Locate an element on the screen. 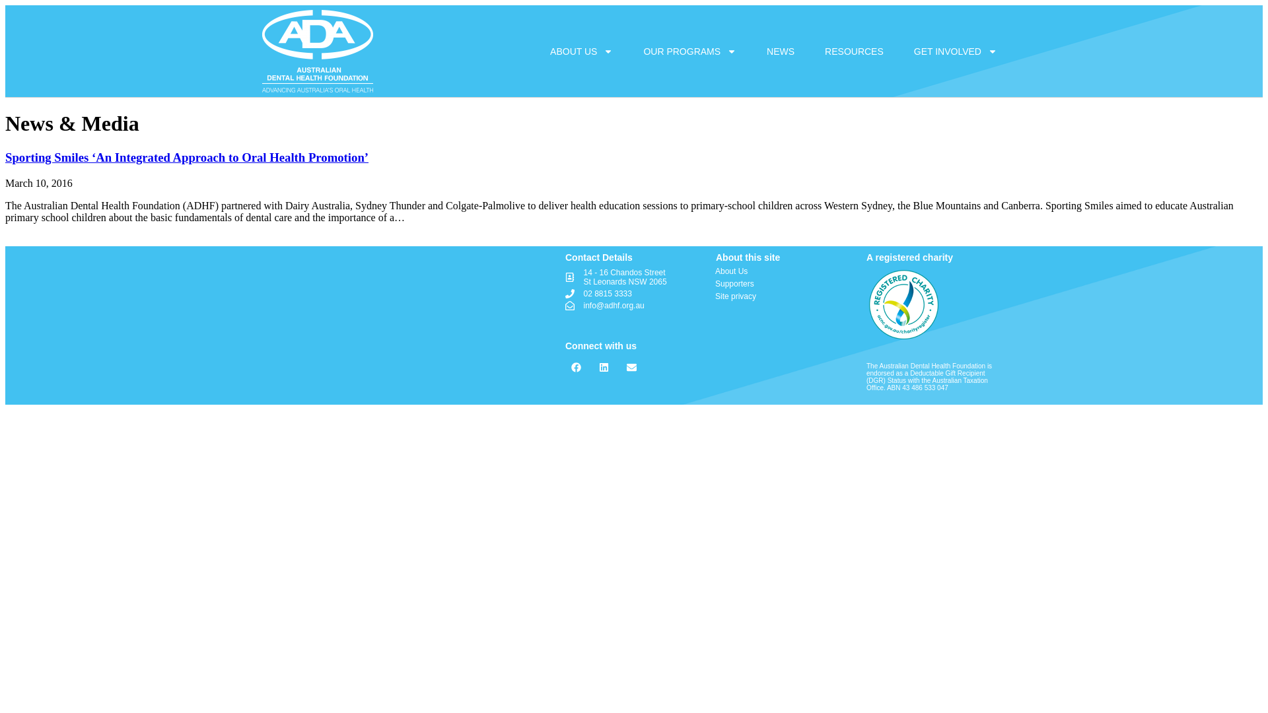  'GET INVOLVED' is located at coordinates (955, 50).